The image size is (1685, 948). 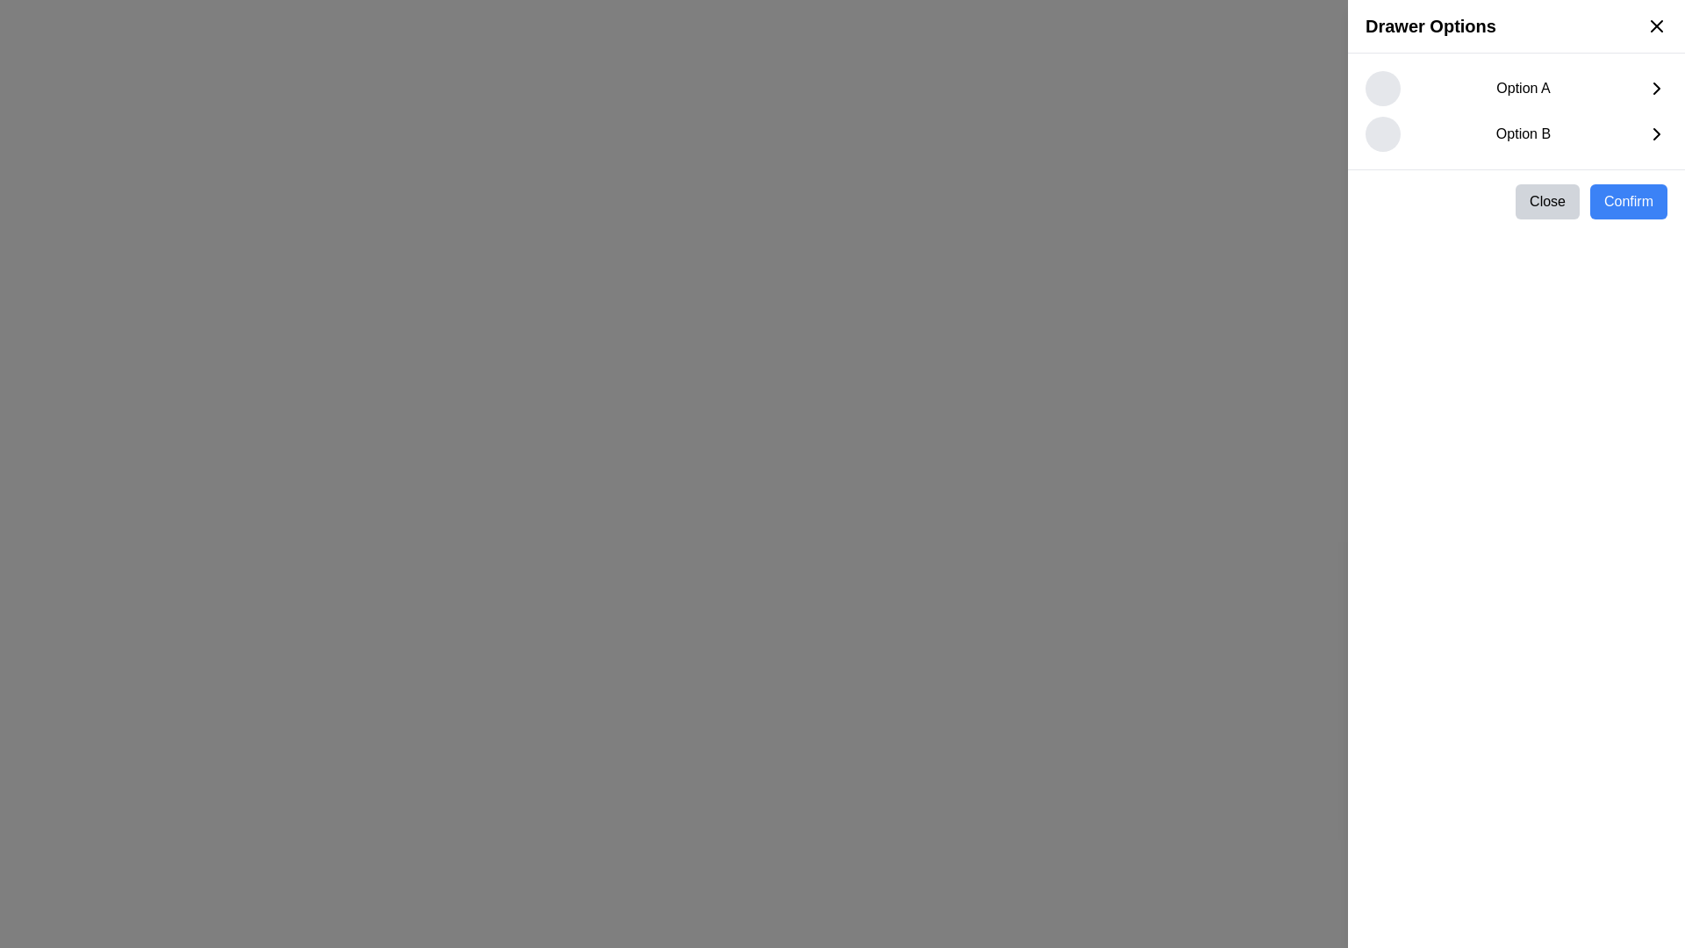 What do you see at coordinates (1516, 88) in the screenshot?
I see `the topmost item labeled 'Option A' in the white side panel under the header 'Drawer Options'` at bounding box center [1516, 88].